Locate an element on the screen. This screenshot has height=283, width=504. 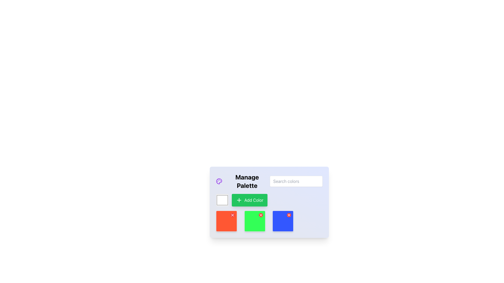
the blue color tile is located at coordinates (283, 221).